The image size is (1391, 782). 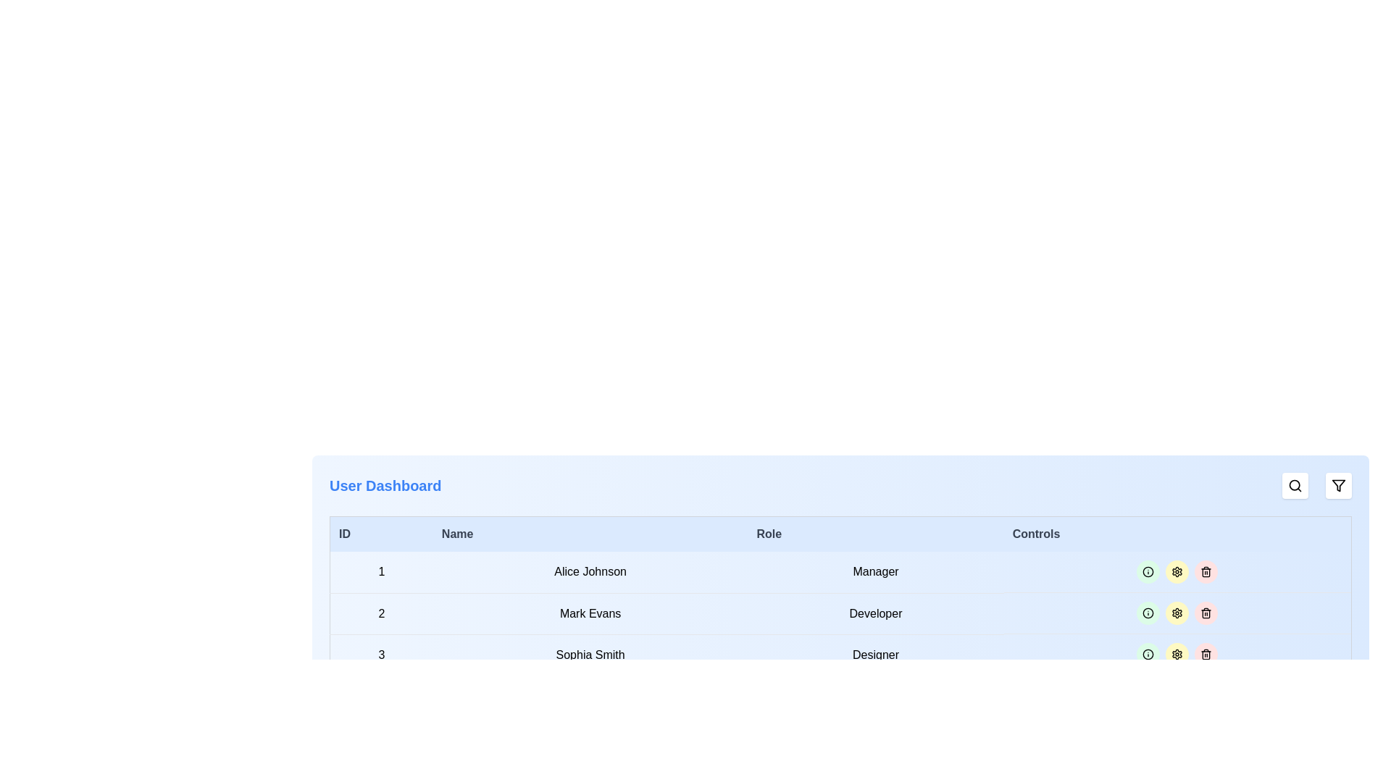 I want to click on the text component displaying the number '1' in the table entry under the 'ID' column for user 'Alice Johnson', so click(x=381, y=571).